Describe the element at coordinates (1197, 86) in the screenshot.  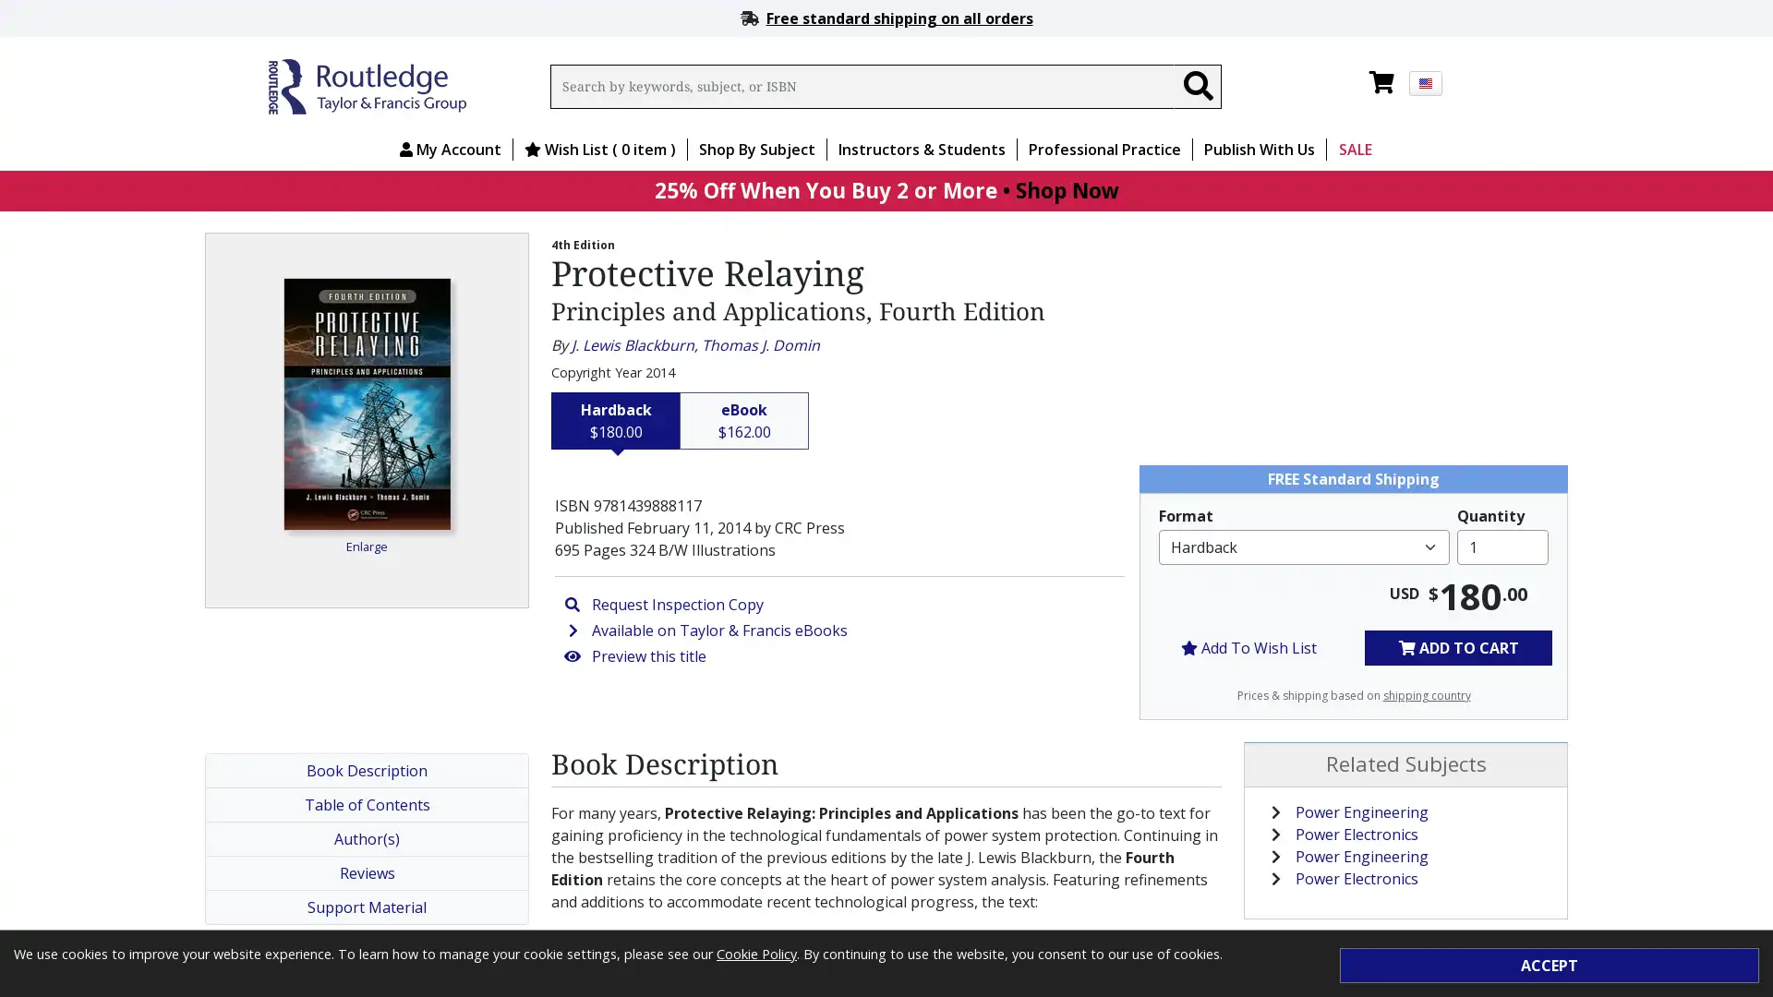
I see `Search` at that location.